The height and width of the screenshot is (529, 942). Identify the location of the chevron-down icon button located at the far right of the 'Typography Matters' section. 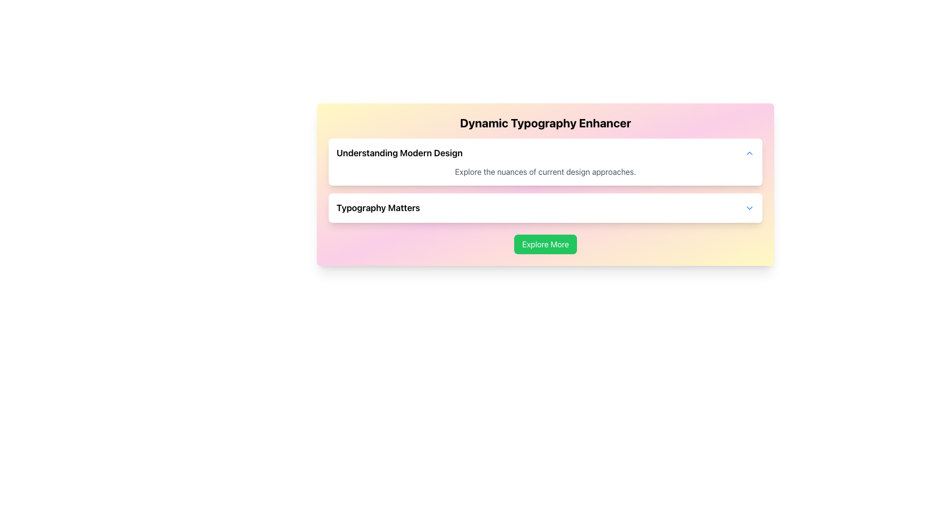
(749, 207).